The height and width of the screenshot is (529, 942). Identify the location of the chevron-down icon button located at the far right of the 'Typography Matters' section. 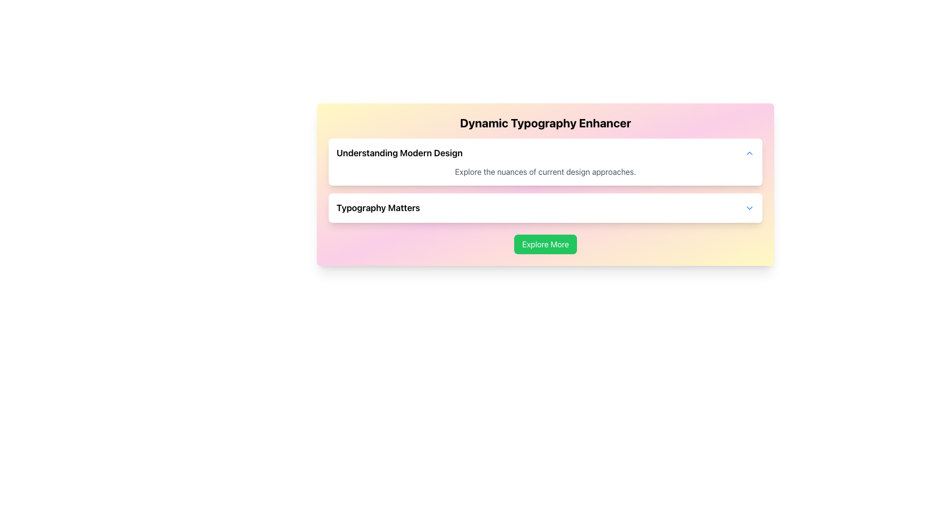
(749, 207).